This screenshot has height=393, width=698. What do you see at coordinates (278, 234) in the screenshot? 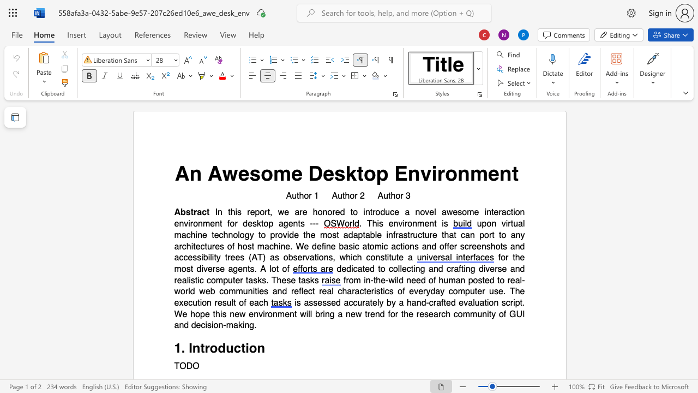
I see `the subset text "ovide the most adaptable infrastructure that can port to any architectures of host machine. We define basic atomic actions and offer screens" within the text "upon virtual machine technology to provide the most adaptable infrastructure that can port to any architectures of host machine. We define basic atomic actions and offer screenshots and accessibility trees (AT) as observations, which"` at bounding box center [278, 234].